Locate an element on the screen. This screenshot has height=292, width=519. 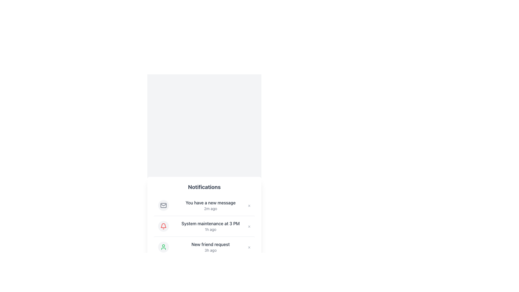
the static text that indicates 'New friend request' in the third notification card, which is styled with a gray font color and medium font weight is located at coordinates (210, 244).